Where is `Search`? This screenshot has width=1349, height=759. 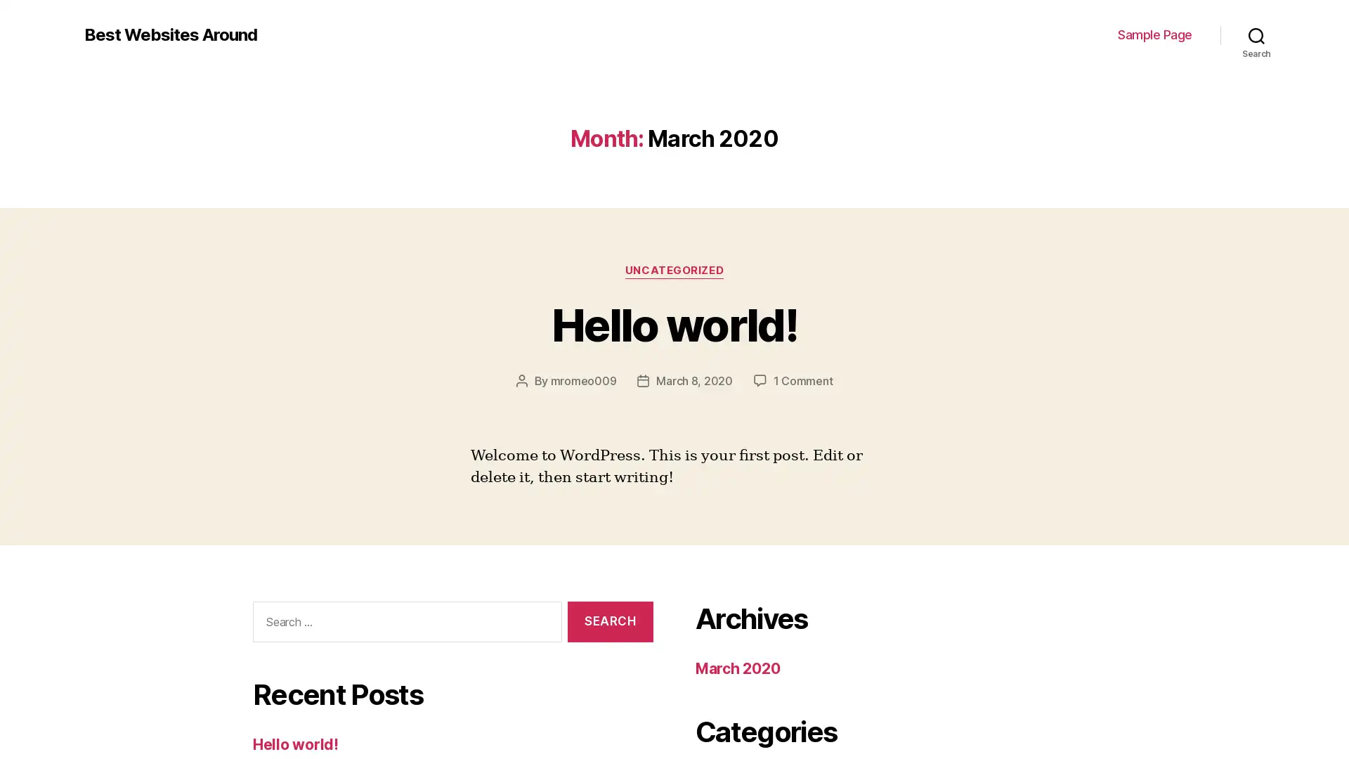 Search is located at coordinates (1256, 34).